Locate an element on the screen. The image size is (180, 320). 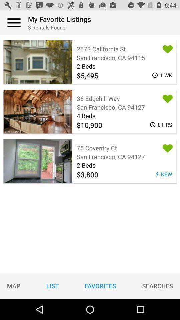
open menu is located at coordinates (14, 23).